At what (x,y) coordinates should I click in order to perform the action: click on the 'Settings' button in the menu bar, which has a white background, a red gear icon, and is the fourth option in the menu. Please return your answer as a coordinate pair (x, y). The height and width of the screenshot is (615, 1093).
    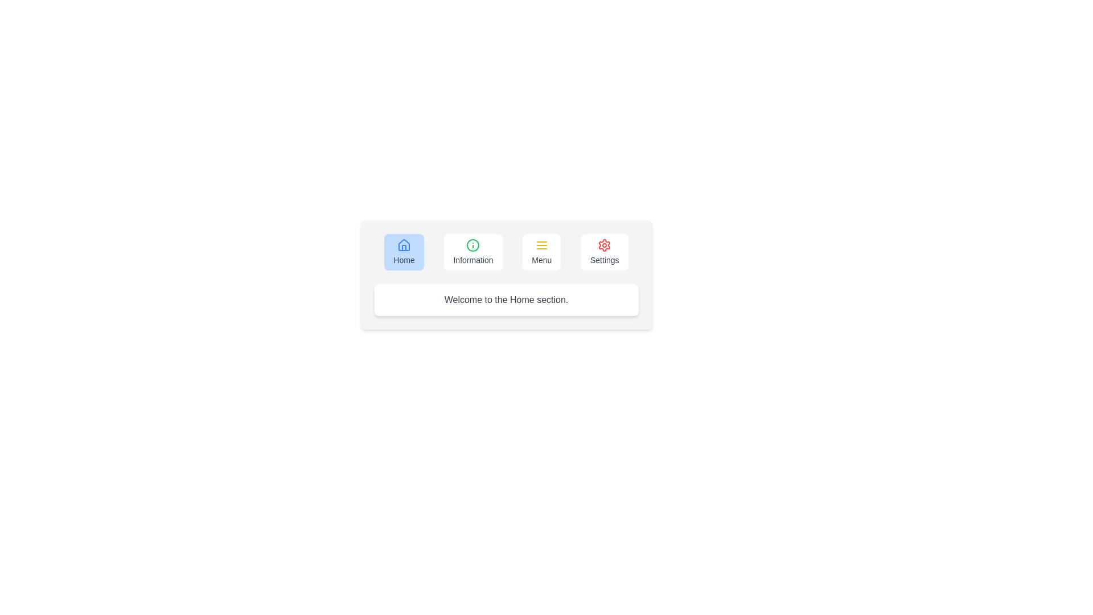
    Looking at the image, I should click on (604, 252).